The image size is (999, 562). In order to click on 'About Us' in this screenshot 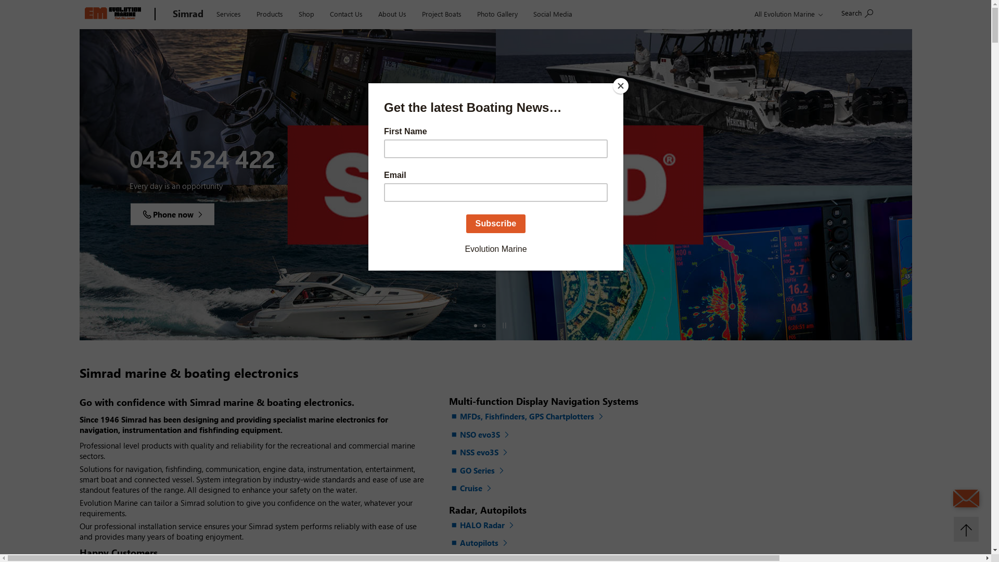, I will do `click(391, 12)`.